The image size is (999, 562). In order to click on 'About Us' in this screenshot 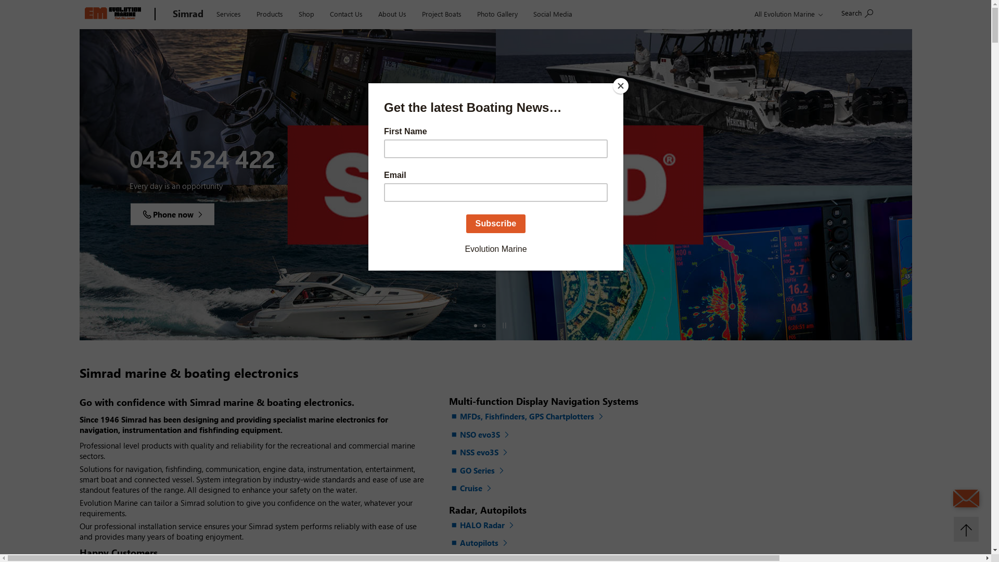, I will do `click(391, 12)`.